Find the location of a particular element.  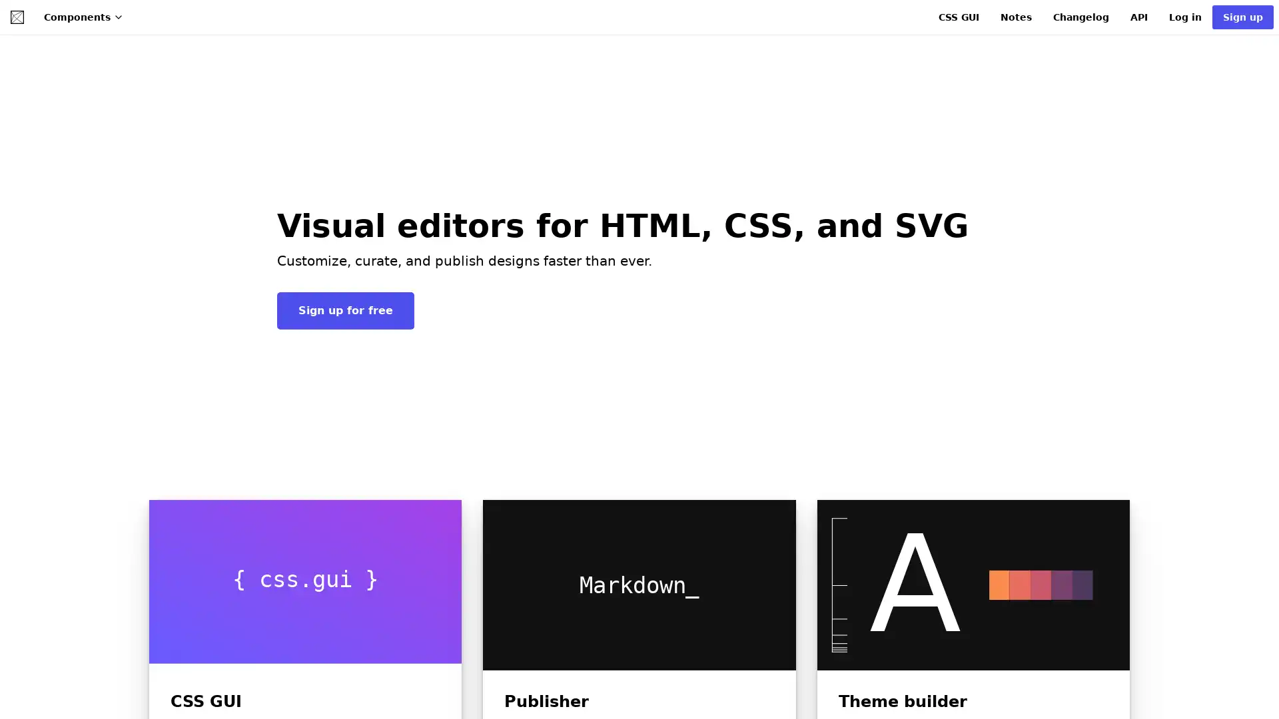

Components is located at coordinates (83, 17).